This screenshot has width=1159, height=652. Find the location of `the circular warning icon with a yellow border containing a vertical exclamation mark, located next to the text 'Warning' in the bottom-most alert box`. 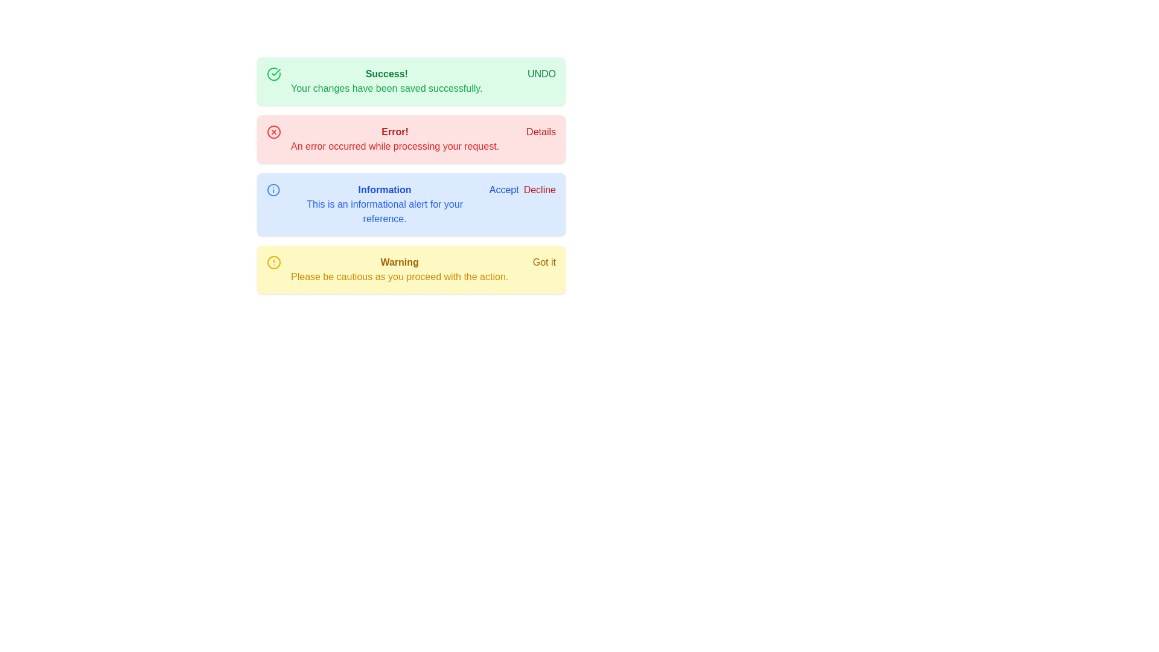

the circular warning icon with a yellow border containing a vertical exclamation mark, located next to the text 'Warning' in the bottom-most alert box is located at coordinates (273, 262).